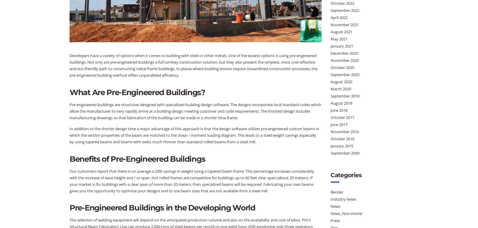  What do you see at coordinates (346, 213) in the screenshot?
I see `'News_Non-Home'` at bounding box center [346, 213].